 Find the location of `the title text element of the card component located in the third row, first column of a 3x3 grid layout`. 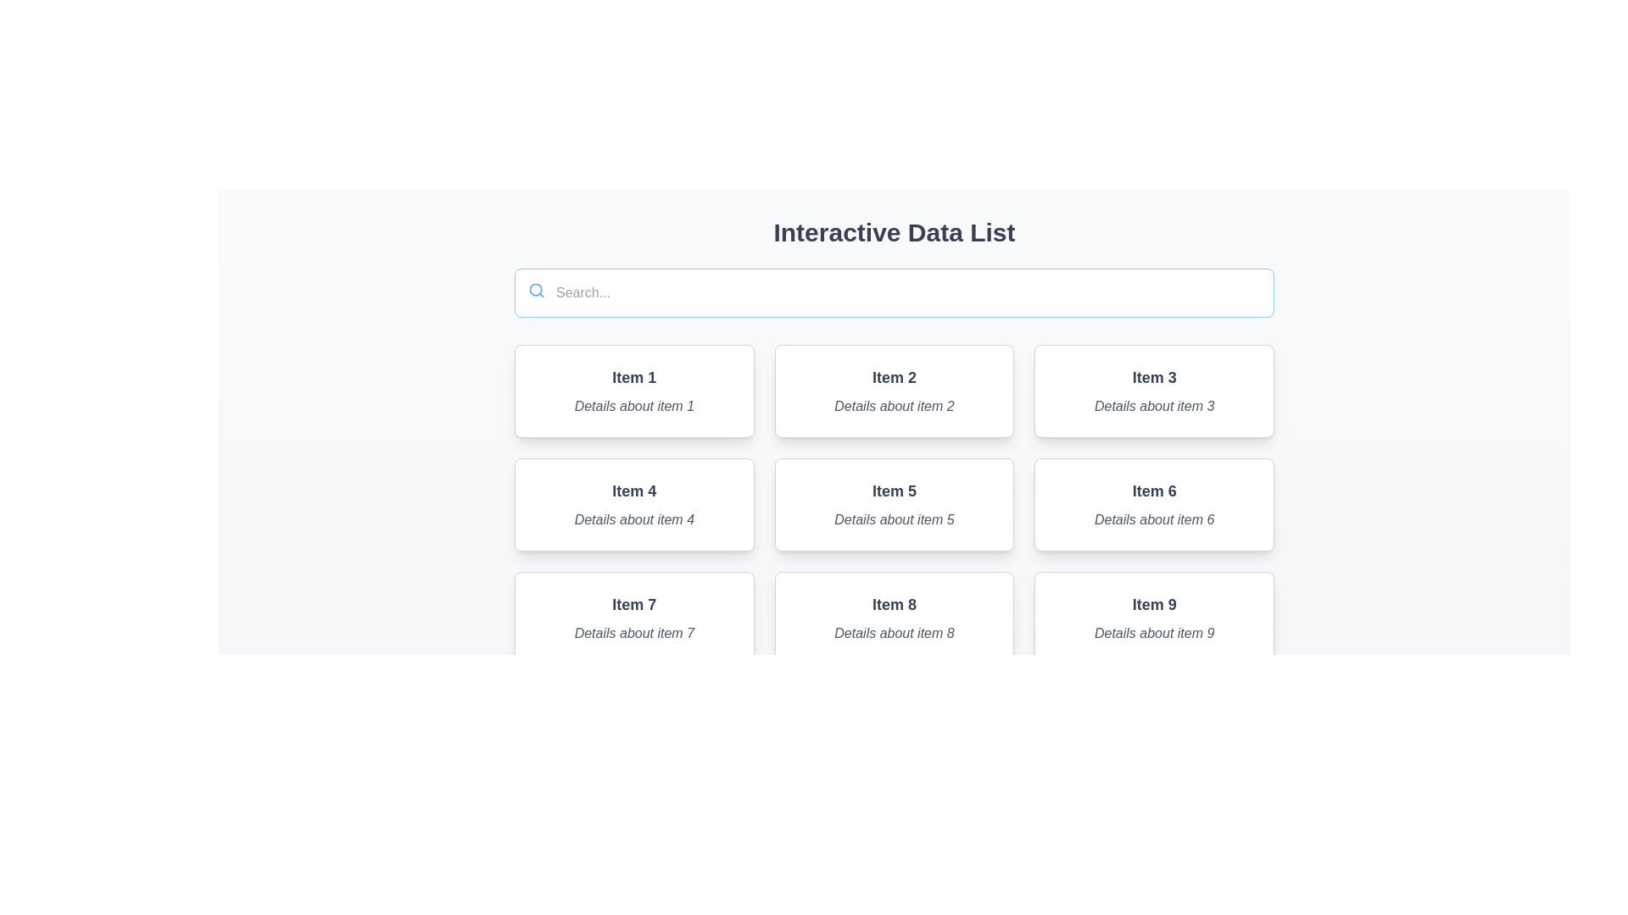

the title text element of the card component located in the third row, first column of a 3x3 grid layout is located at coordinates (633, 603).